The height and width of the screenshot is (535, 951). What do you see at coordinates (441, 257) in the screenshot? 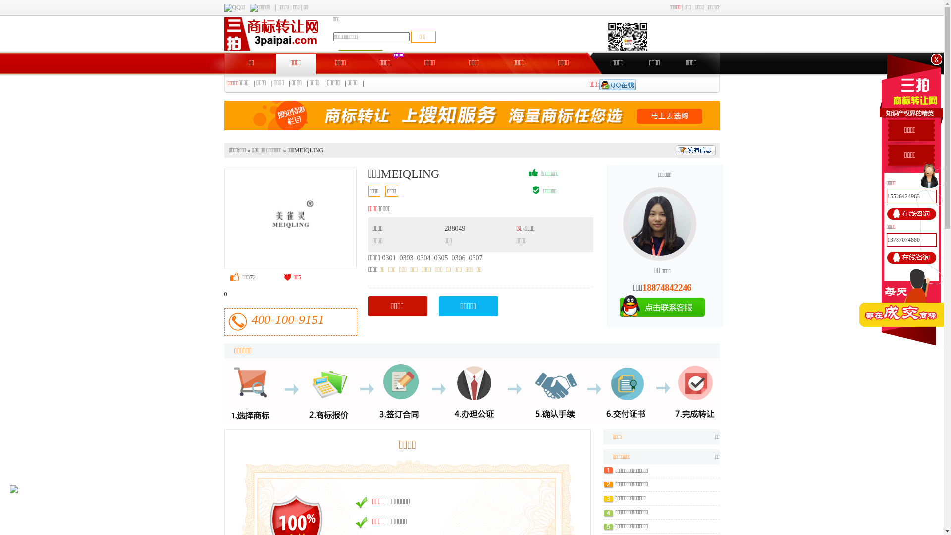
I see `'0305'` at bounding box center [441, 257].